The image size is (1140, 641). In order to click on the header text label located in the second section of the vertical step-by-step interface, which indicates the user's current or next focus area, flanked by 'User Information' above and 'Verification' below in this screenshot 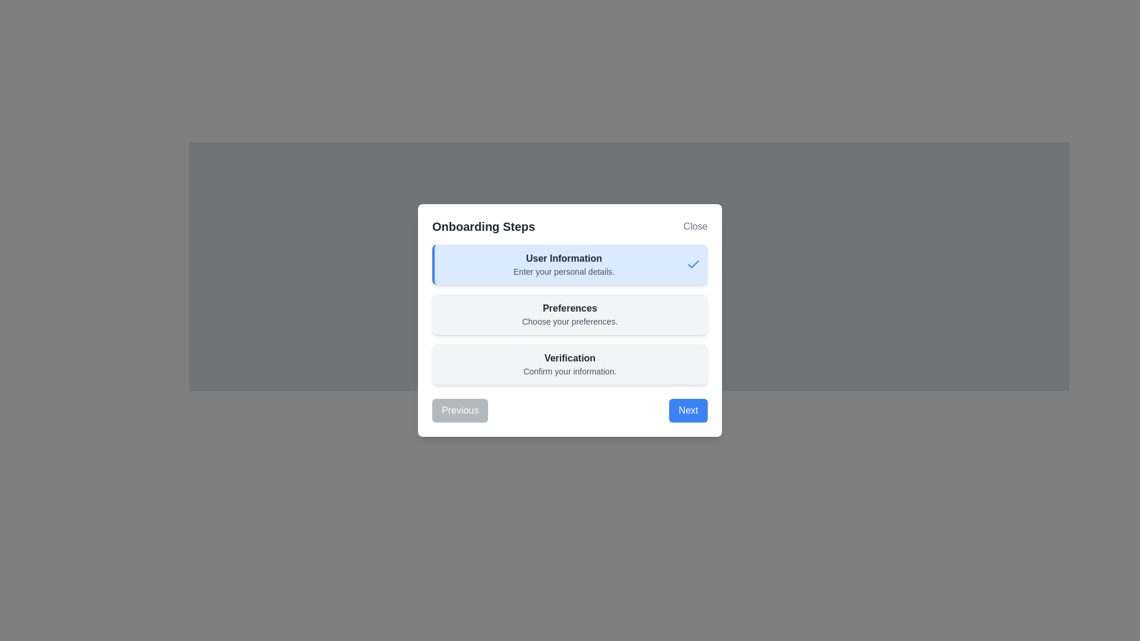, I will do `click(570, 308)`.